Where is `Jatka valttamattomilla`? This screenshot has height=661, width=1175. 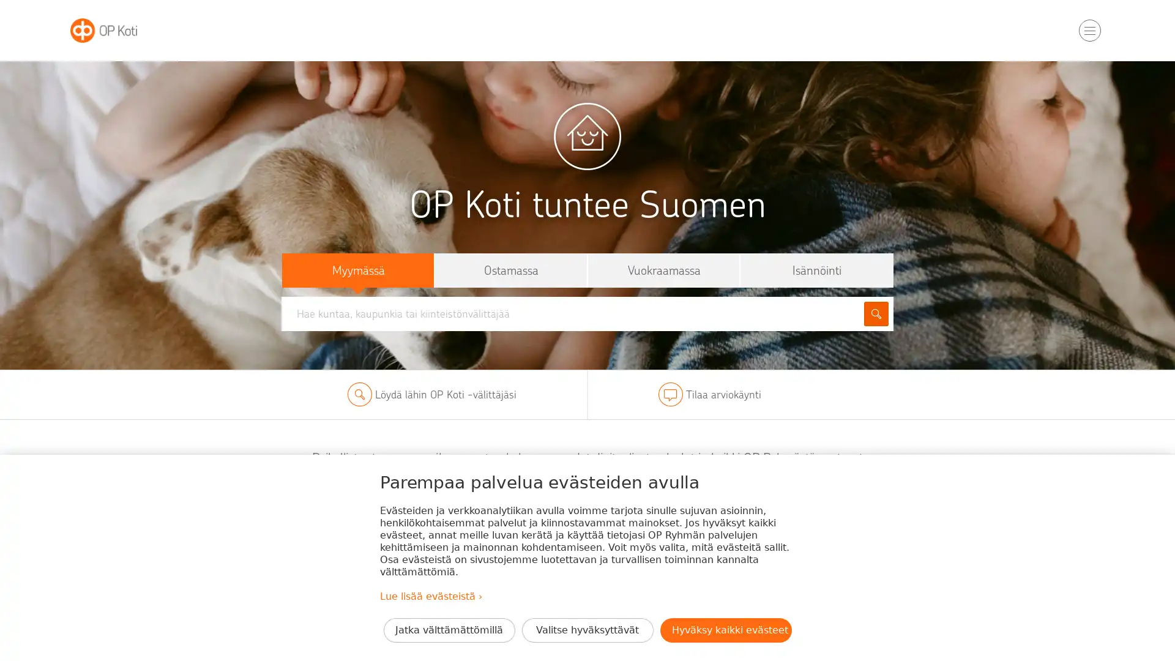
Jatka valttamattomilla is located at coordinates (448, 630).